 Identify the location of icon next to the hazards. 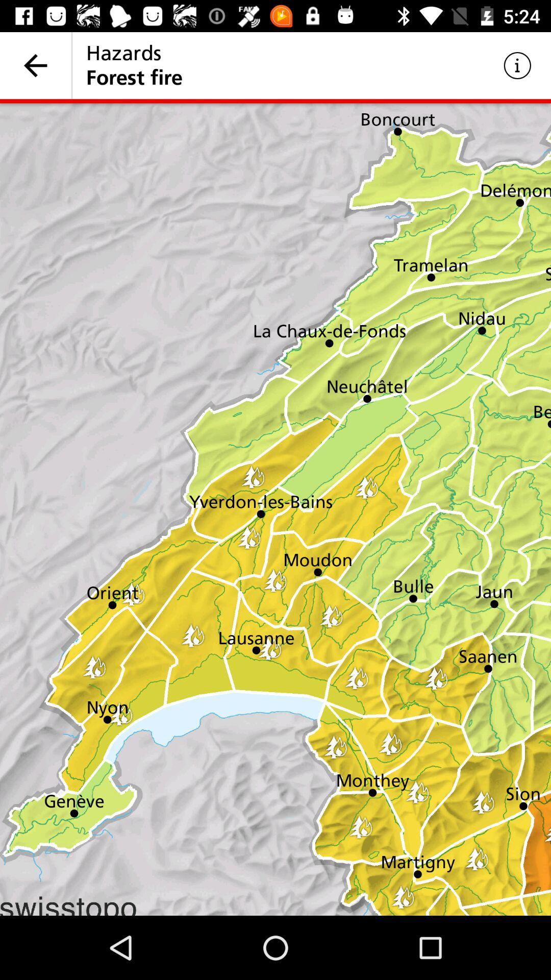
(517, 65).